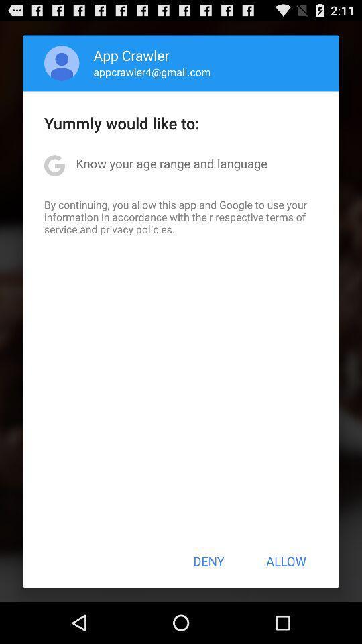 The width and height of the screenshot is (362, 644). I want to click on know your age app, so click(172, 162).